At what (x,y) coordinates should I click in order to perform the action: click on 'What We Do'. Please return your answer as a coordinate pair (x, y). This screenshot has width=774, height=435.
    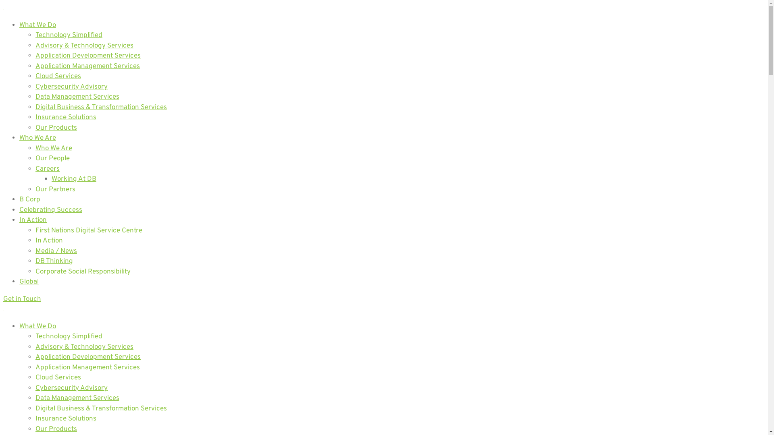
    Looking at the image, I should click on (37, 326).